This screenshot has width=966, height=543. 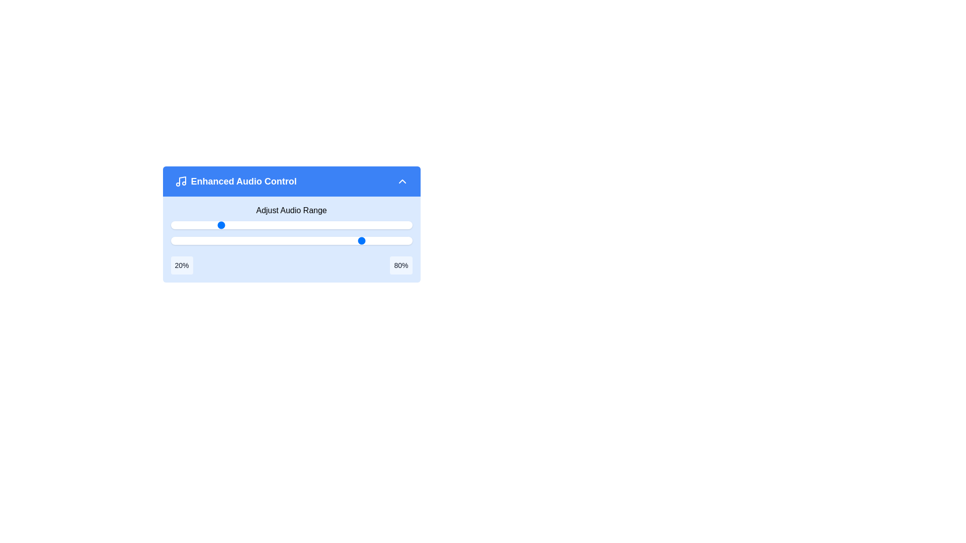 I want to click on the Header element labeled 'Enhanced Audio Control' with a musical note icon, which is located in the upper part of a card-like component with a blue background, so click(x=235, y=182).